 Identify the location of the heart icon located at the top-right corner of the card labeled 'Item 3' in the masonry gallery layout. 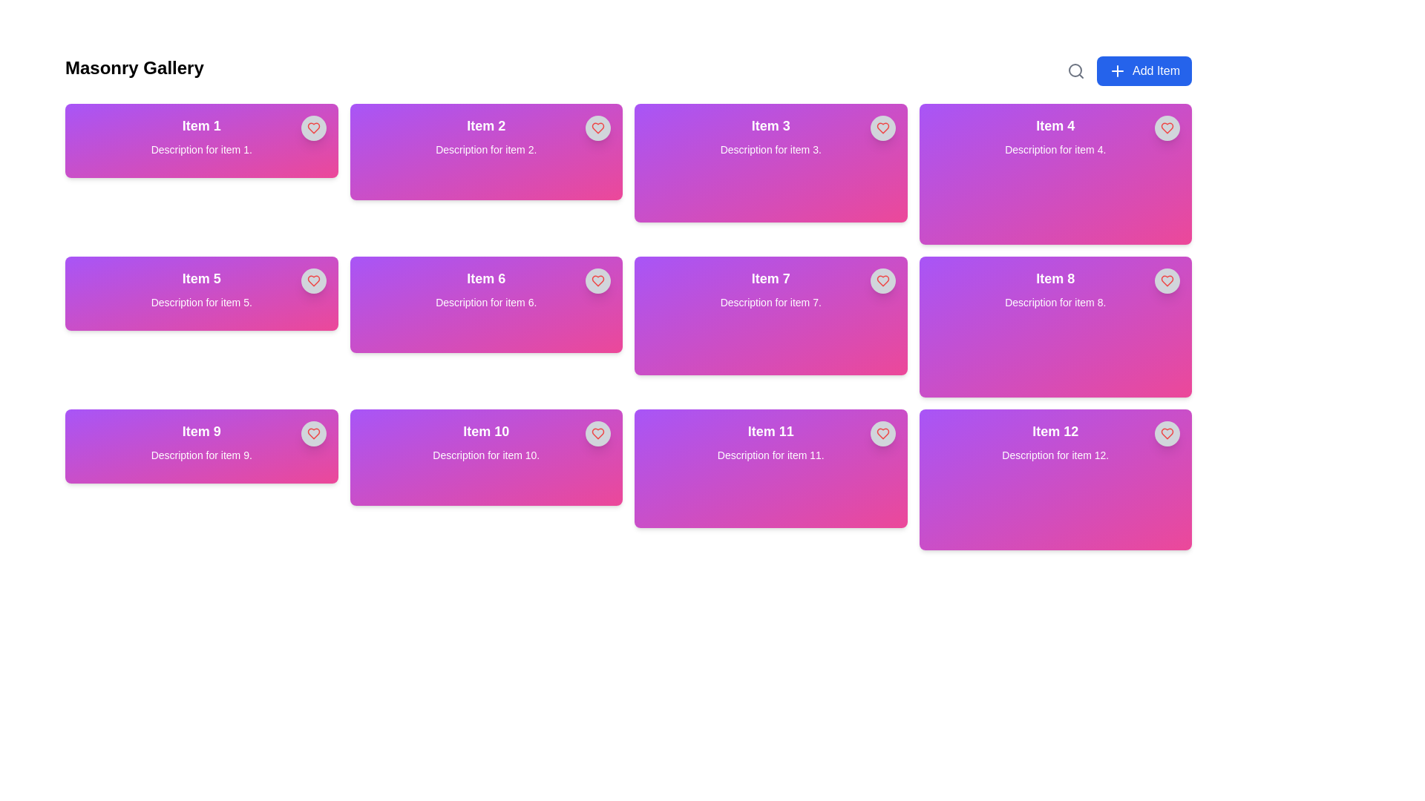
(882, 128).